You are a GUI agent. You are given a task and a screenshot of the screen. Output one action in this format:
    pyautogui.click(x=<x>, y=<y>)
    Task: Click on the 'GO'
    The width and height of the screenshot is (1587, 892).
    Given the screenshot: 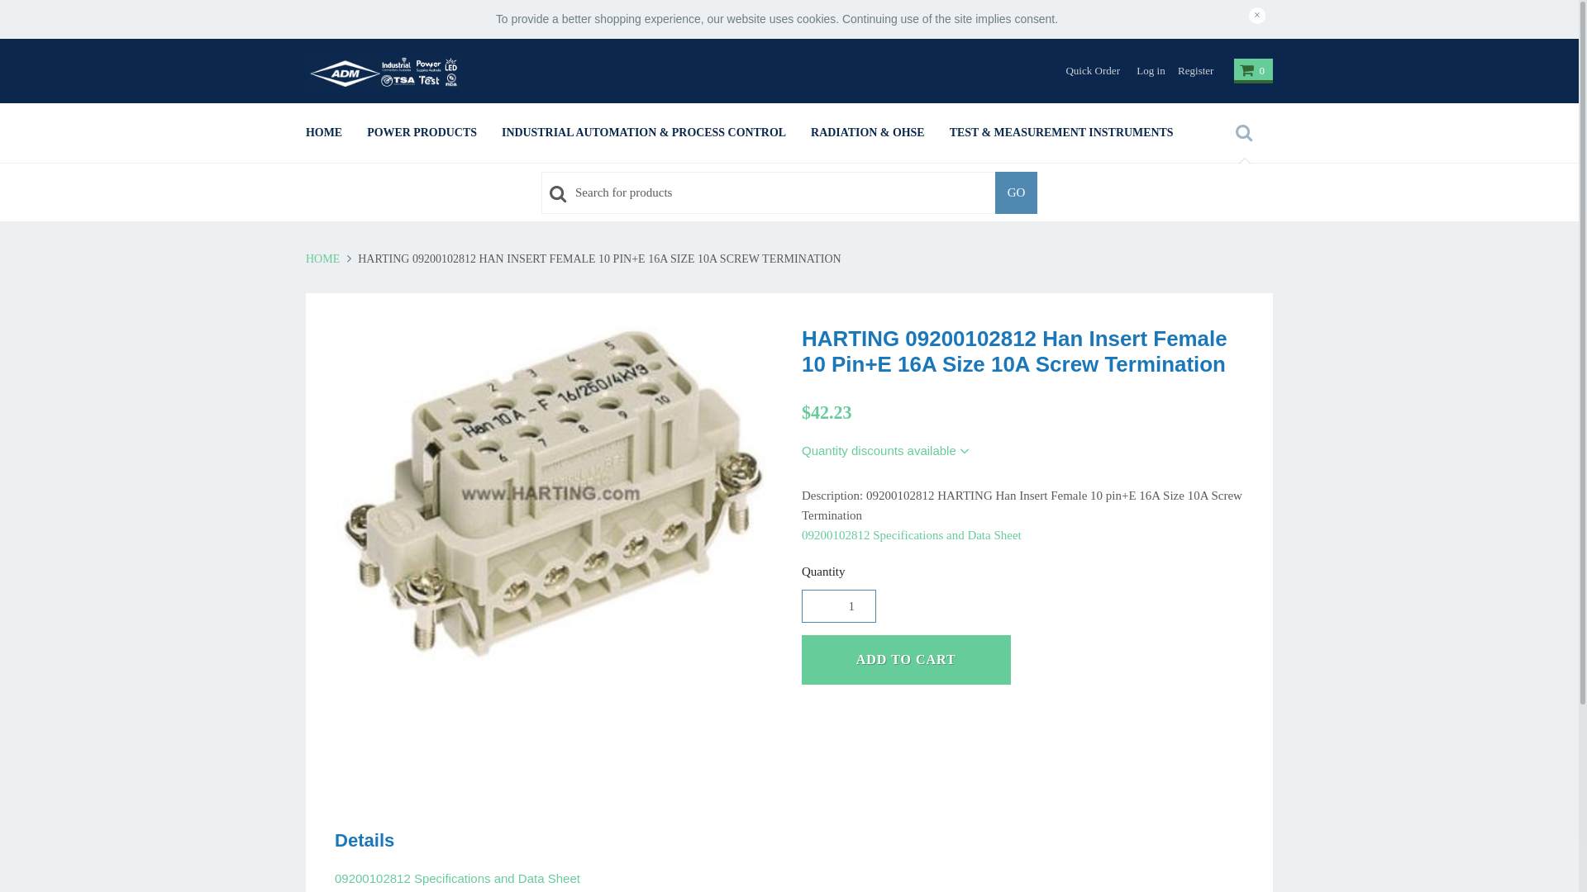 What is the action you would take?
    pyautogui.click(x=1015, y=192)
    